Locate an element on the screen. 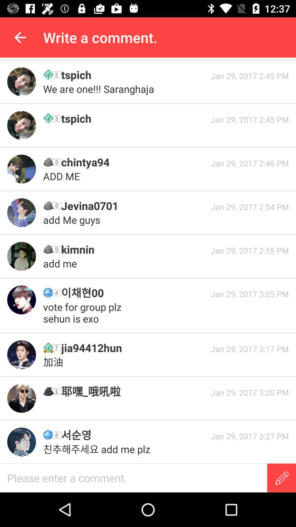 The width and height of the screenshot is (296, 527). item next to jan 29 2017 item is located at coordinates (134, 391).